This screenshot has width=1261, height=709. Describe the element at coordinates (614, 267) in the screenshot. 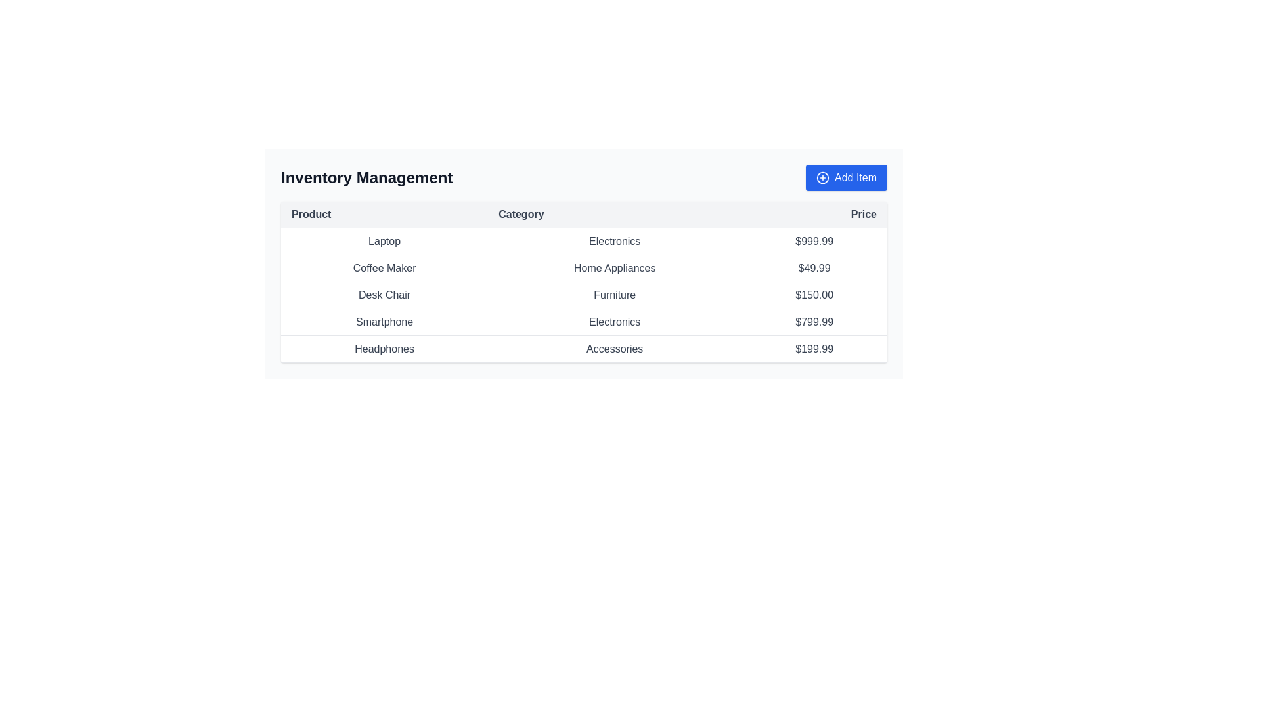

I see `the text element displaying 'Home Appliances' which is located in the table row for 'Coffee Maker'` at that location.